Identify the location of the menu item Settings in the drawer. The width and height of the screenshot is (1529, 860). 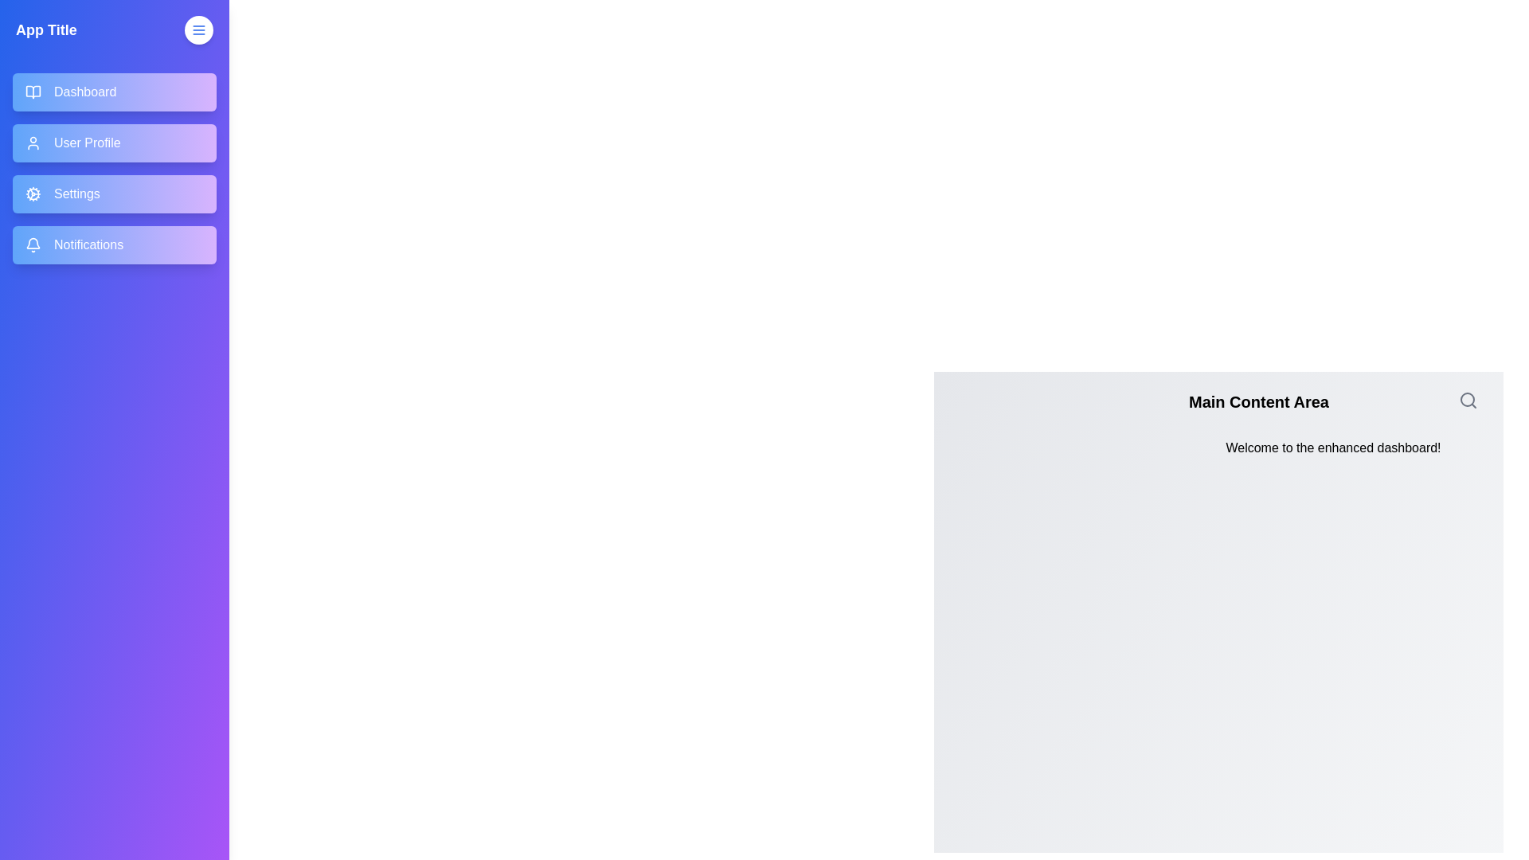
(114, 193).